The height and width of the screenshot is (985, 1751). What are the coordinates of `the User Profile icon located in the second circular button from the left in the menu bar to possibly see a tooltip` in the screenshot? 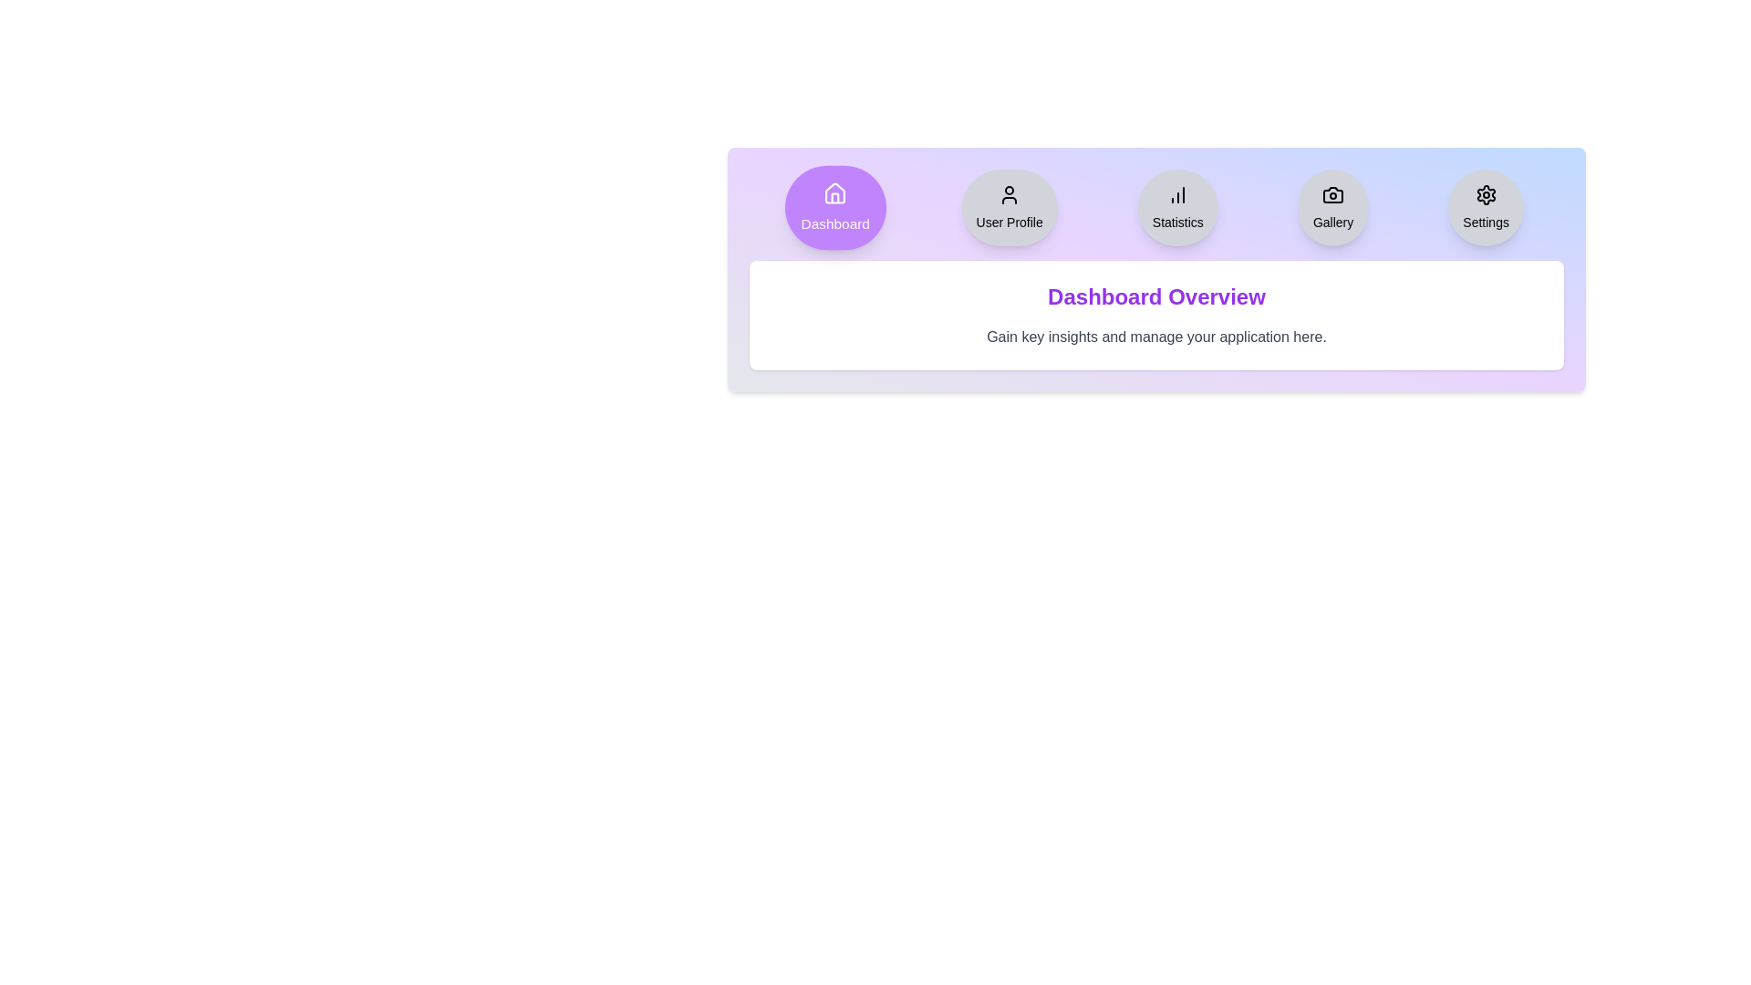 It's located at (1009, 194).